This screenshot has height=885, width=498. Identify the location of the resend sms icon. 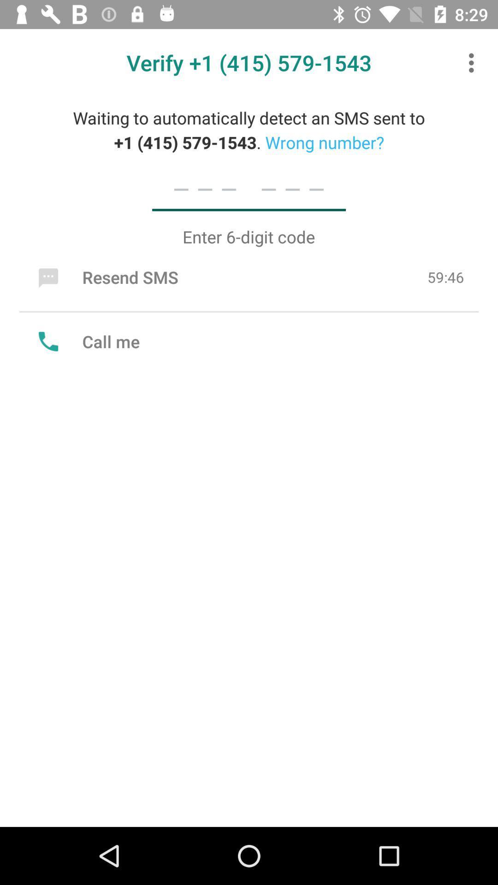
(106, 277).